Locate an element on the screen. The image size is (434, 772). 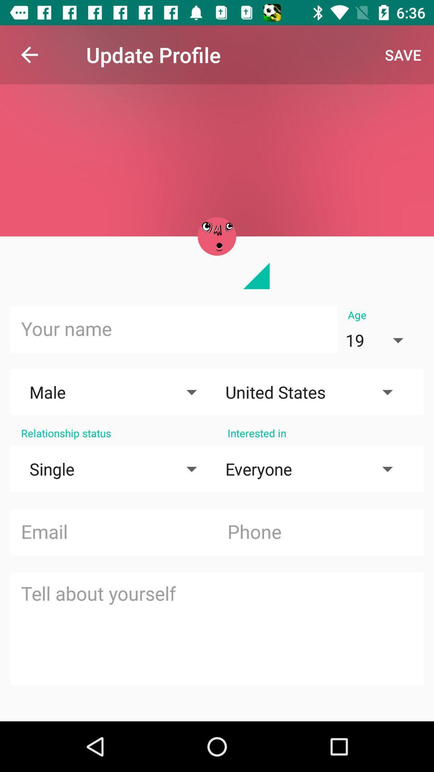
your name is located at coordinates (173, 329).